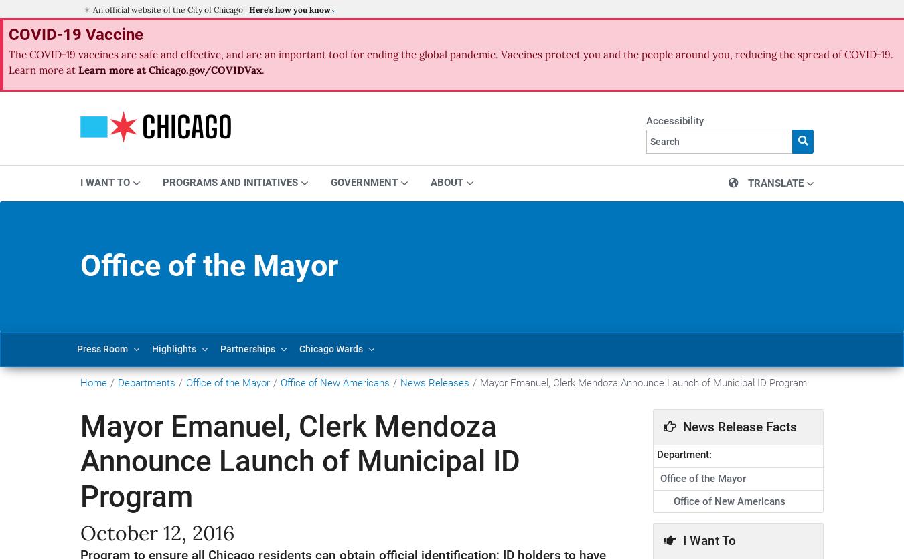 This screenshot has height=559, width=904. I want to click on 'Home', so click(93, 381).